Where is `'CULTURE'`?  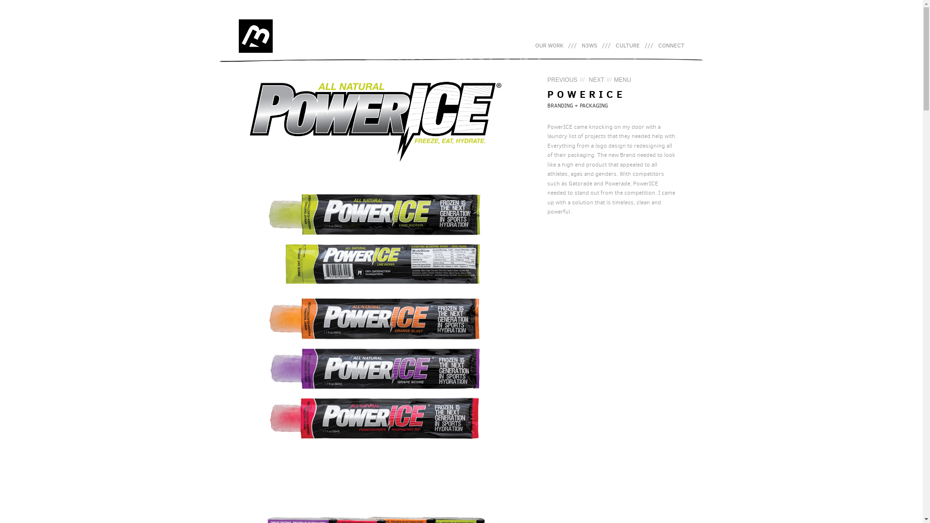
'CULTURE' is located at coordinates (613, 46).